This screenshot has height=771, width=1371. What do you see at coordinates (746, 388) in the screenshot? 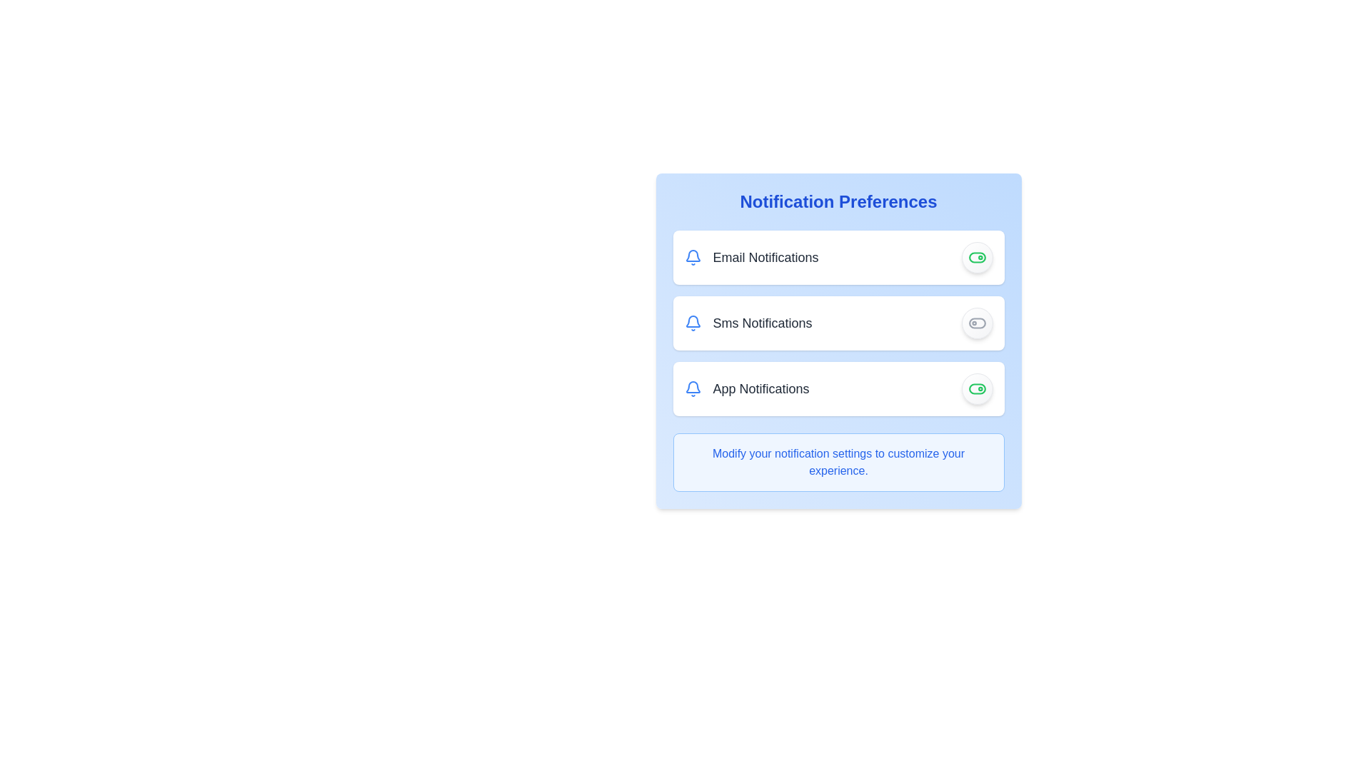
I see `the information presented in the Label indicating the option to manage or toggle notifications for application events, located in the 'Notification Preferences' section as the third item vertically` at bounding box center [746, 388].